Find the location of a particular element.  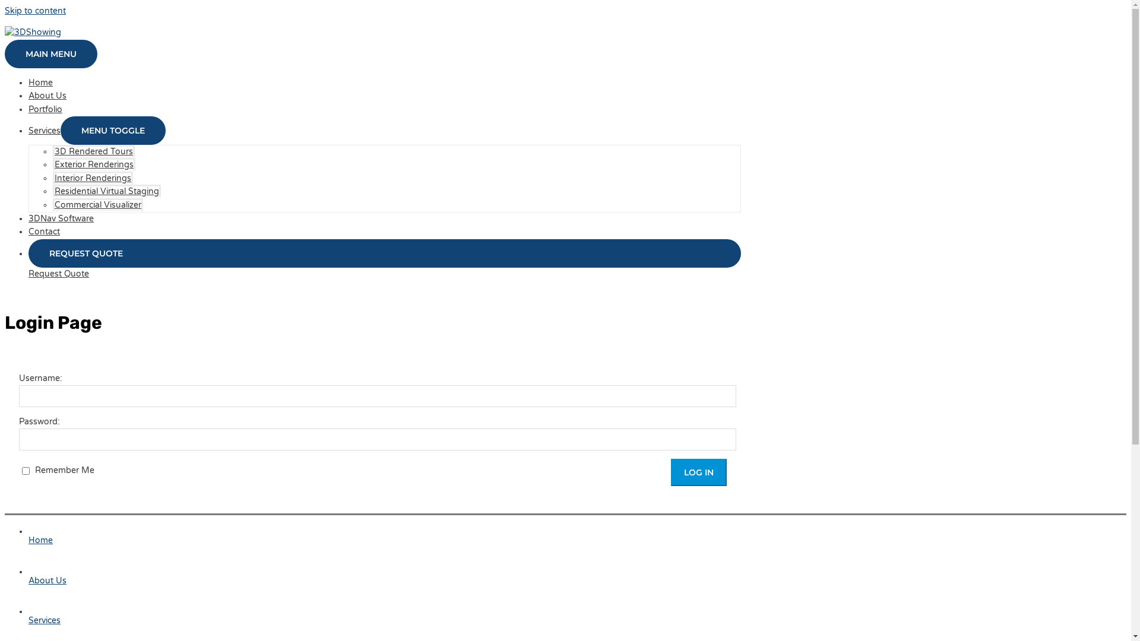

'Residential Virtual Staging' is located at coordinates (107, 190).